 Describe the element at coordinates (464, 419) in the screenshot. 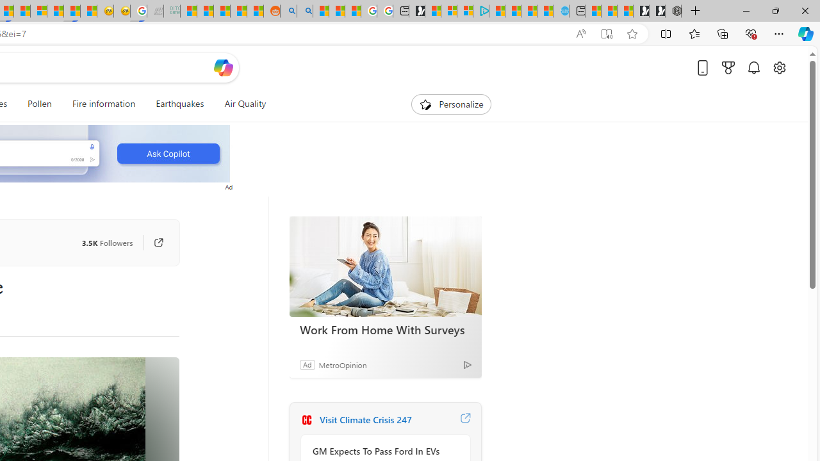

I see `'Visit Climate Crisis 247 website'` at that location.